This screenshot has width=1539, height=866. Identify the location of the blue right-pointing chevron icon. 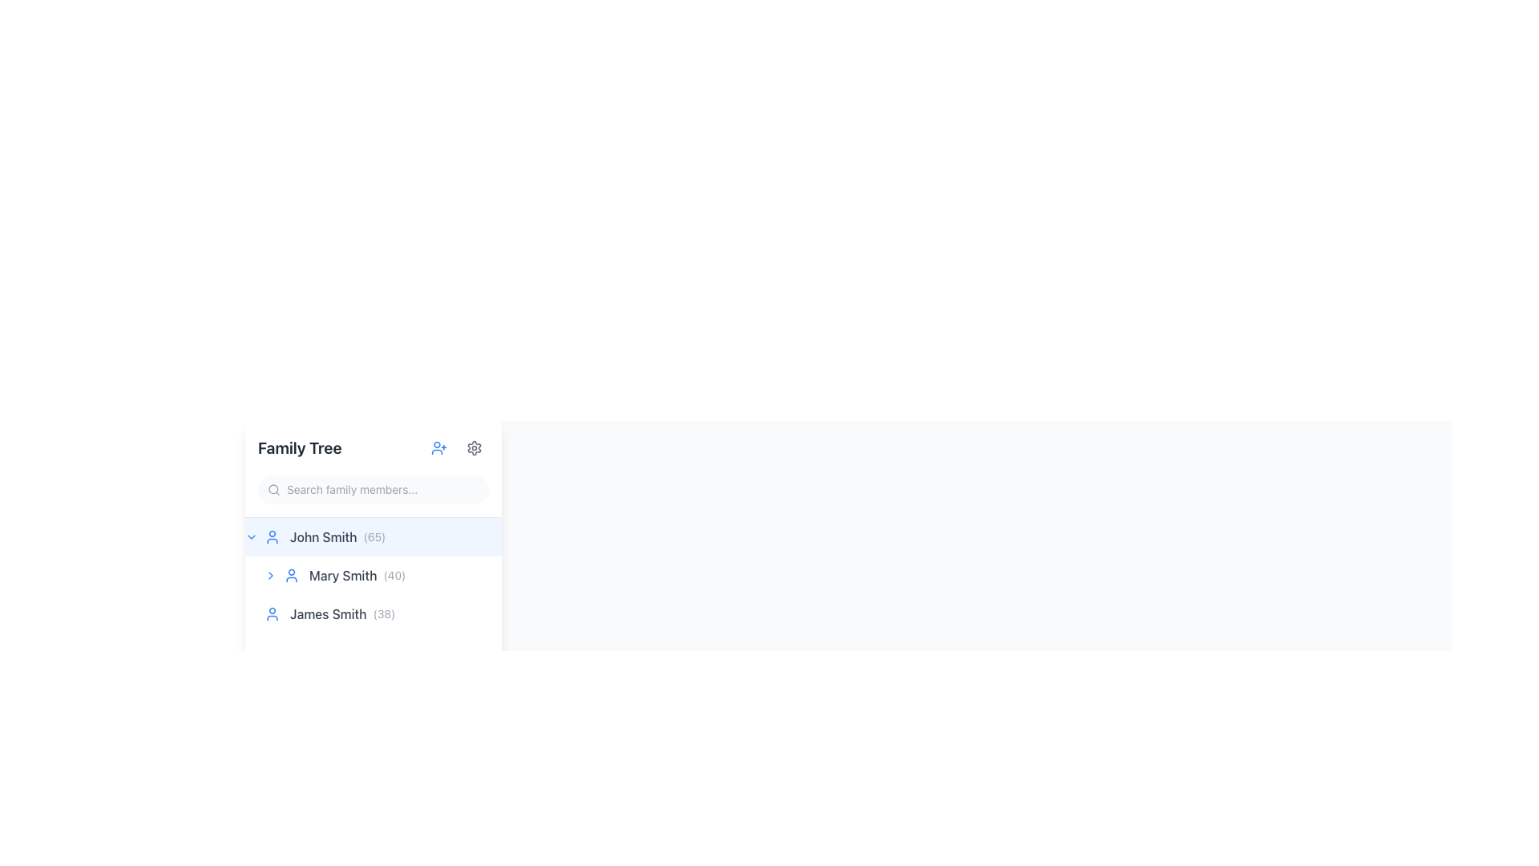
(270, 574).